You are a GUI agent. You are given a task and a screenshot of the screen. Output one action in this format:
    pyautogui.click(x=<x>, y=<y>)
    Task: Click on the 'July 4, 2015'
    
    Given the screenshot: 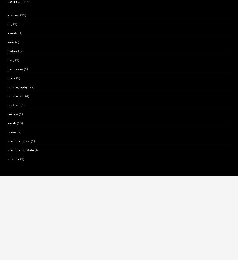 What is the action you would take?
    pyautogui.click(x=72, y=250)
    